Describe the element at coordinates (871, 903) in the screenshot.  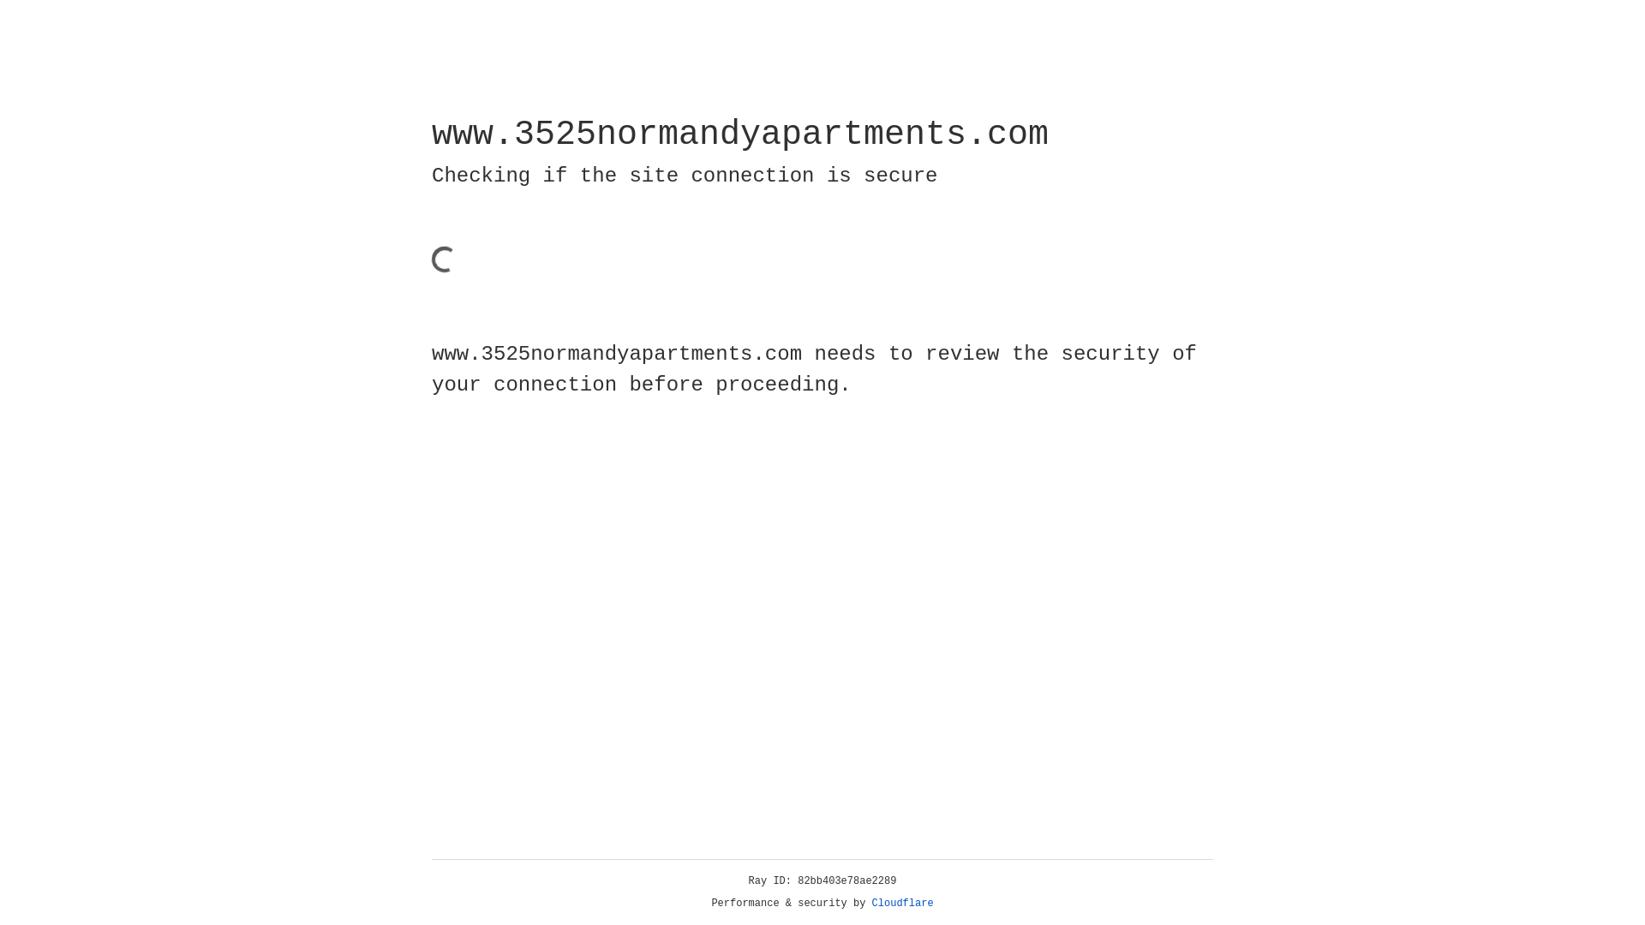
I see `'Cloudflare'` at that location.